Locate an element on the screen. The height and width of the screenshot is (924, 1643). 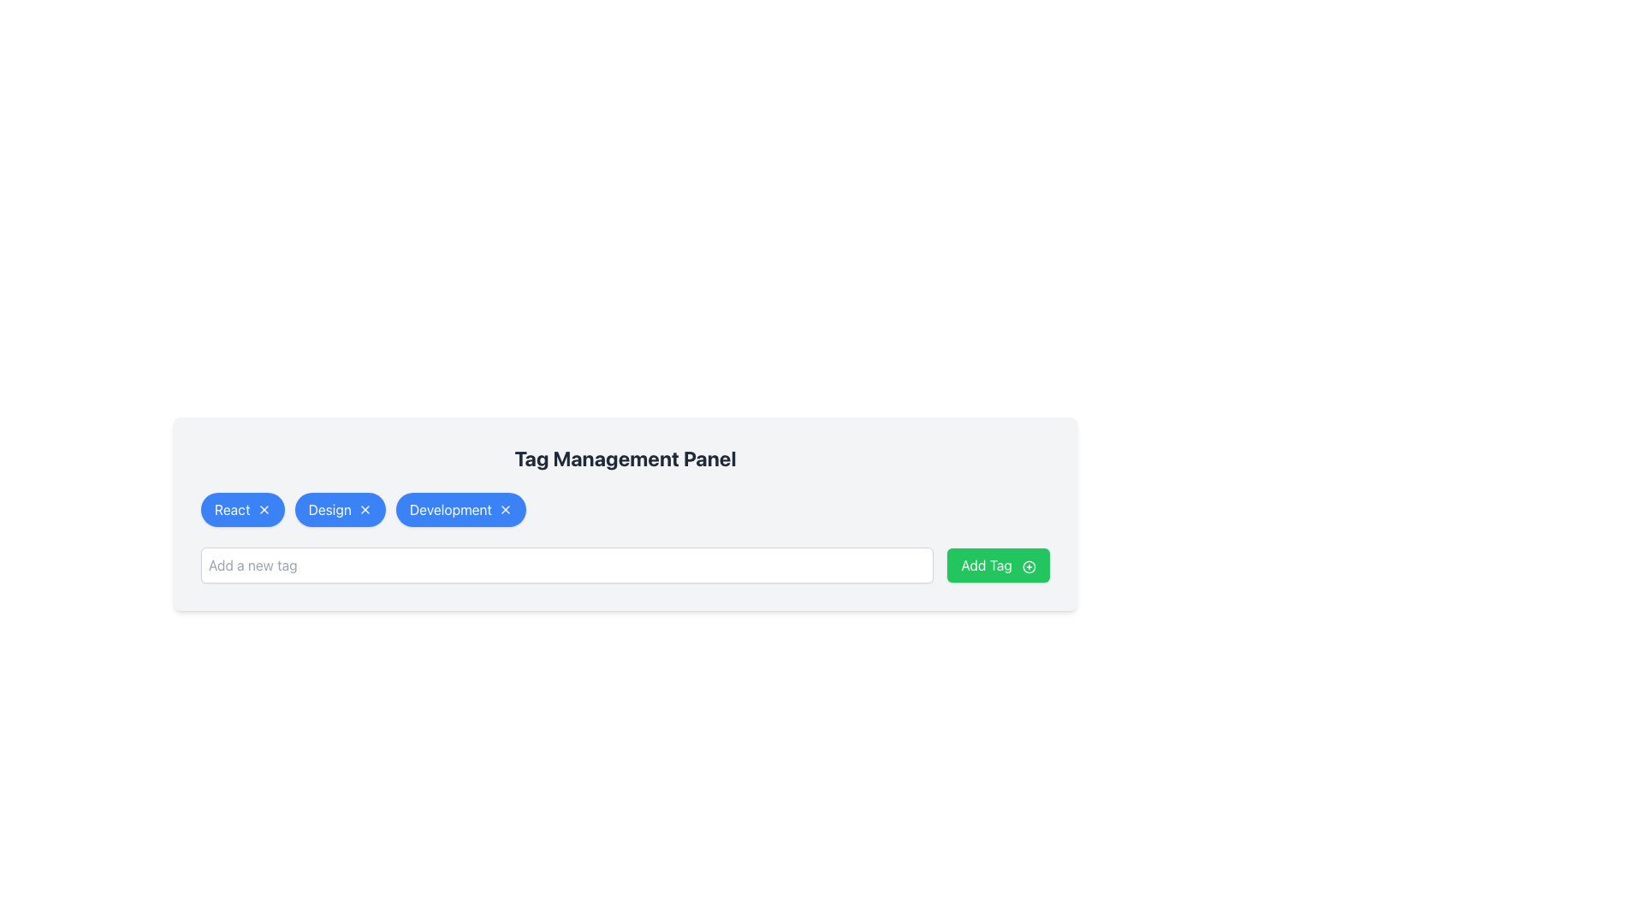
the 'React' tag button with a close icon is located at coordinates (241, 509).